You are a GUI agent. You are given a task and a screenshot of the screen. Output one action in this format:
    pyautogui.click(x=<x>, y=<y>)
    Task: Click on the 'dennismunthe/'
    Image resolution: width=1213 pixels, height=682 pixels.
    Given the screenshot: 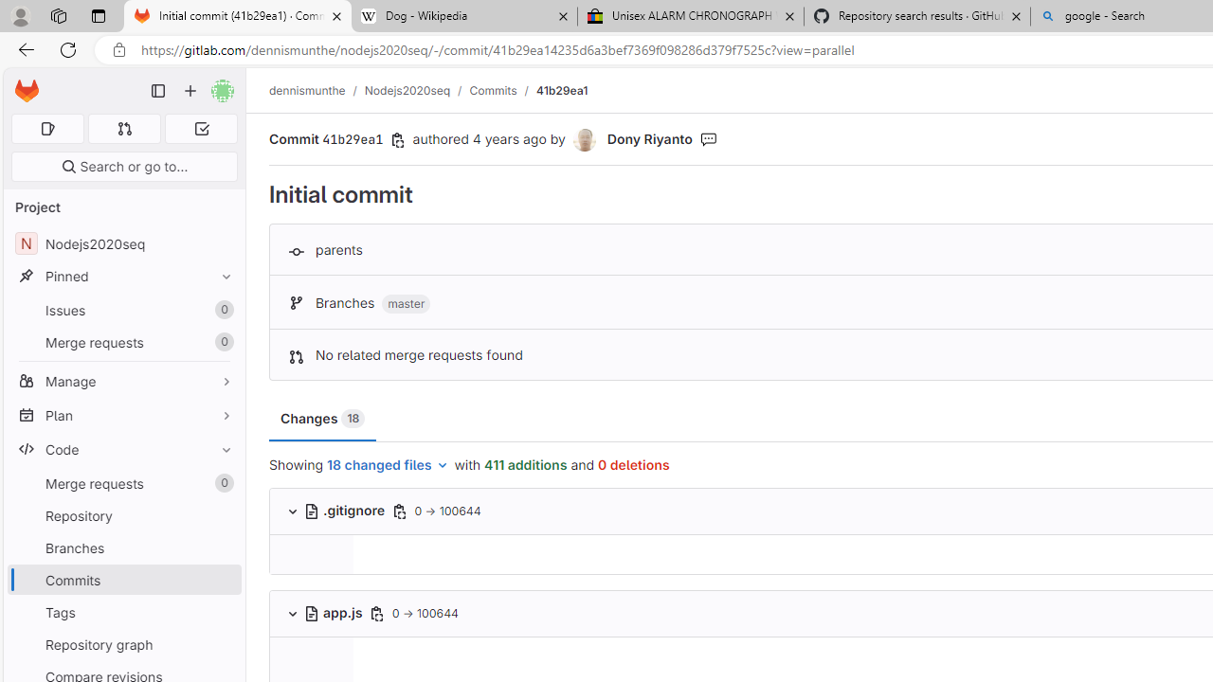 What is the action you would take?
    pyautogui.click(x=317, y=90)
    